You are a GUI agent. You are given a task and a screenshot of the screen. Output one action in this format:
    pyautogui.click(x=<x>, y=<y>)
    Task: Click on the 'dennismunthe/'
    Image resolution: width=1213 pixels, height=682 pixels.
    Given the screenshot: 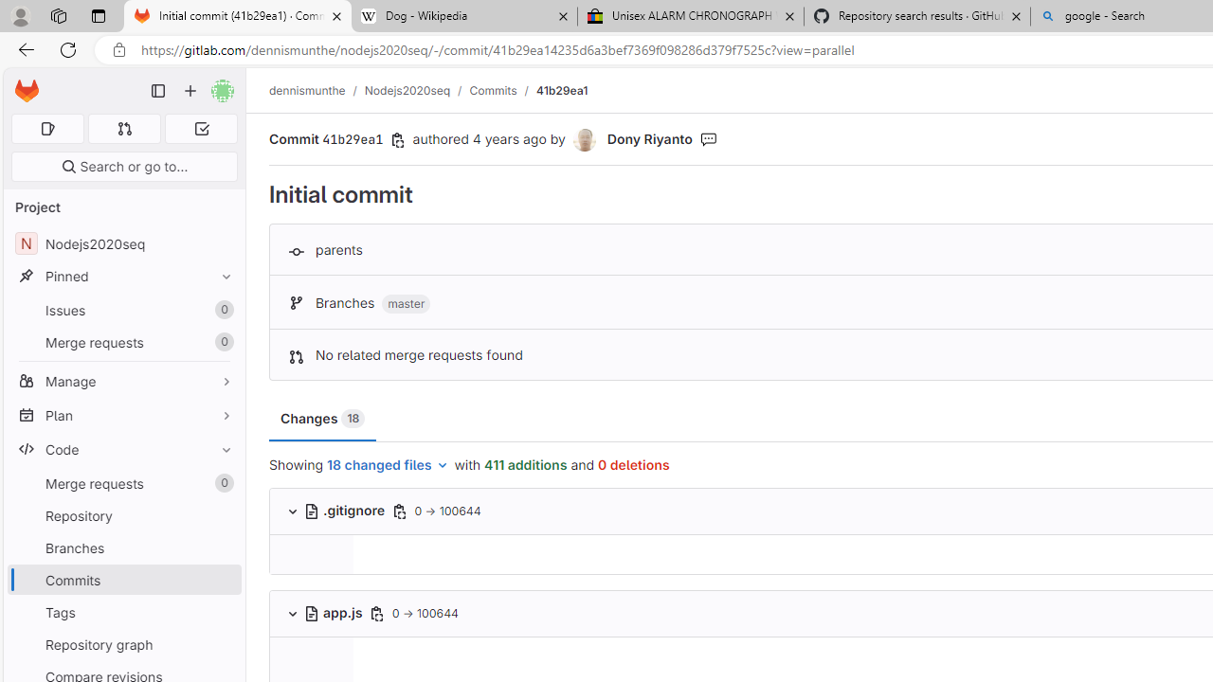 What is the action you would take?
    pyautogui.click(x=317, y=90)
    